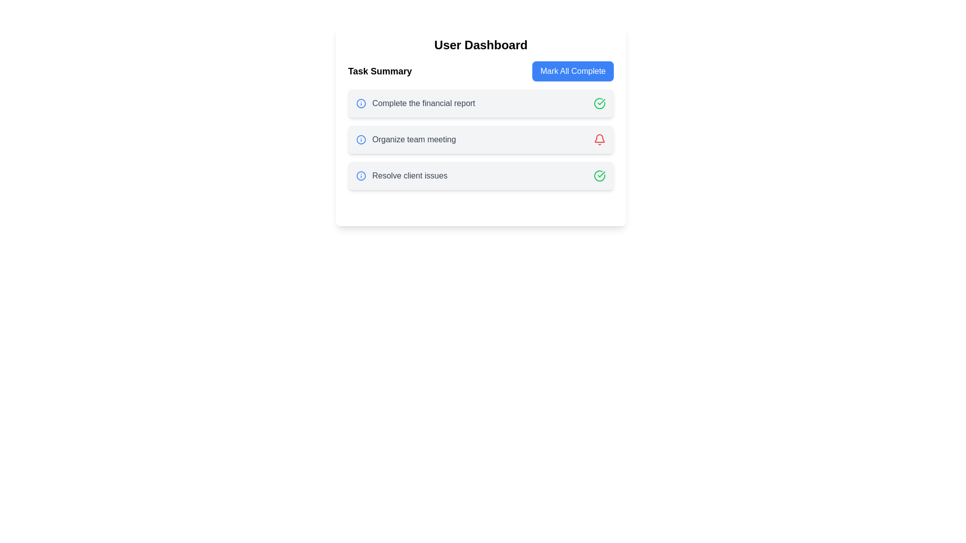 The height and width of the screenshot is (543, 966). What do you see at coordinates (599, 138) in the screenshot?
I see `the red-colored bell icon located in the second task item of the 'Organize team meeting' list, positioned at the right end of the item's row` at bounding box center [599, 138].